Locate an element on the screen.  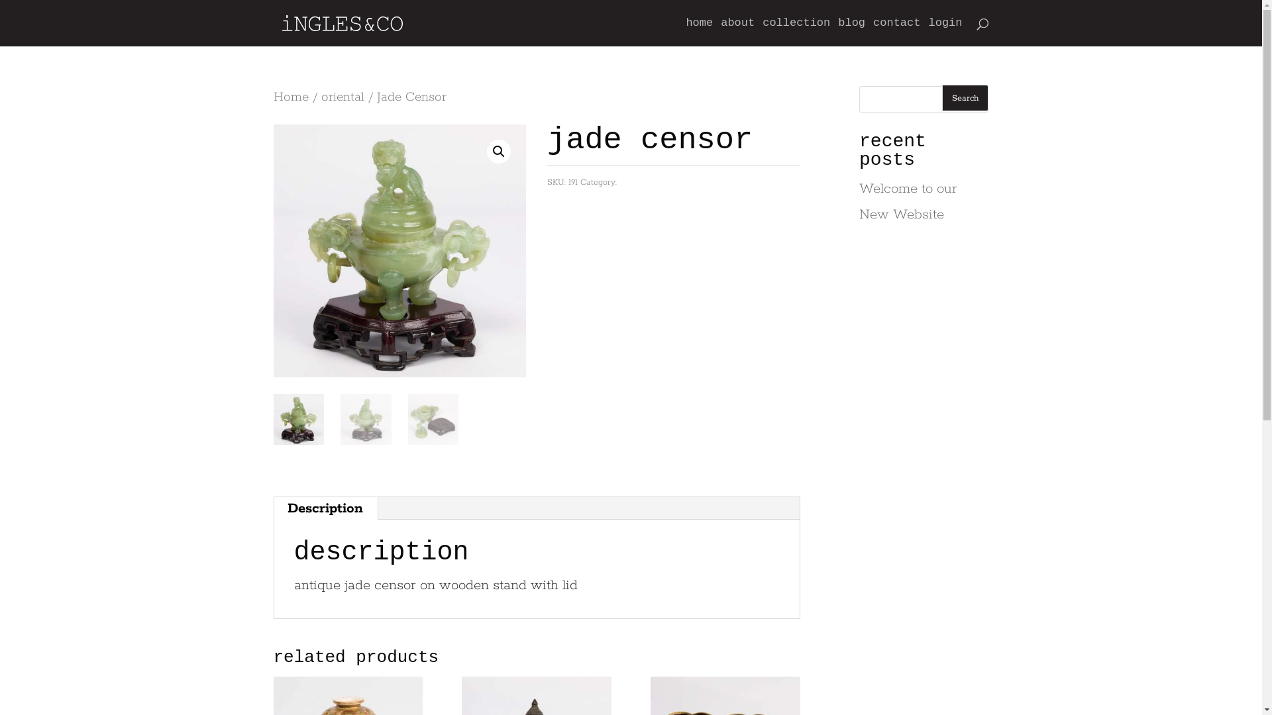
'oriental' is located at coordinates (321, 96).